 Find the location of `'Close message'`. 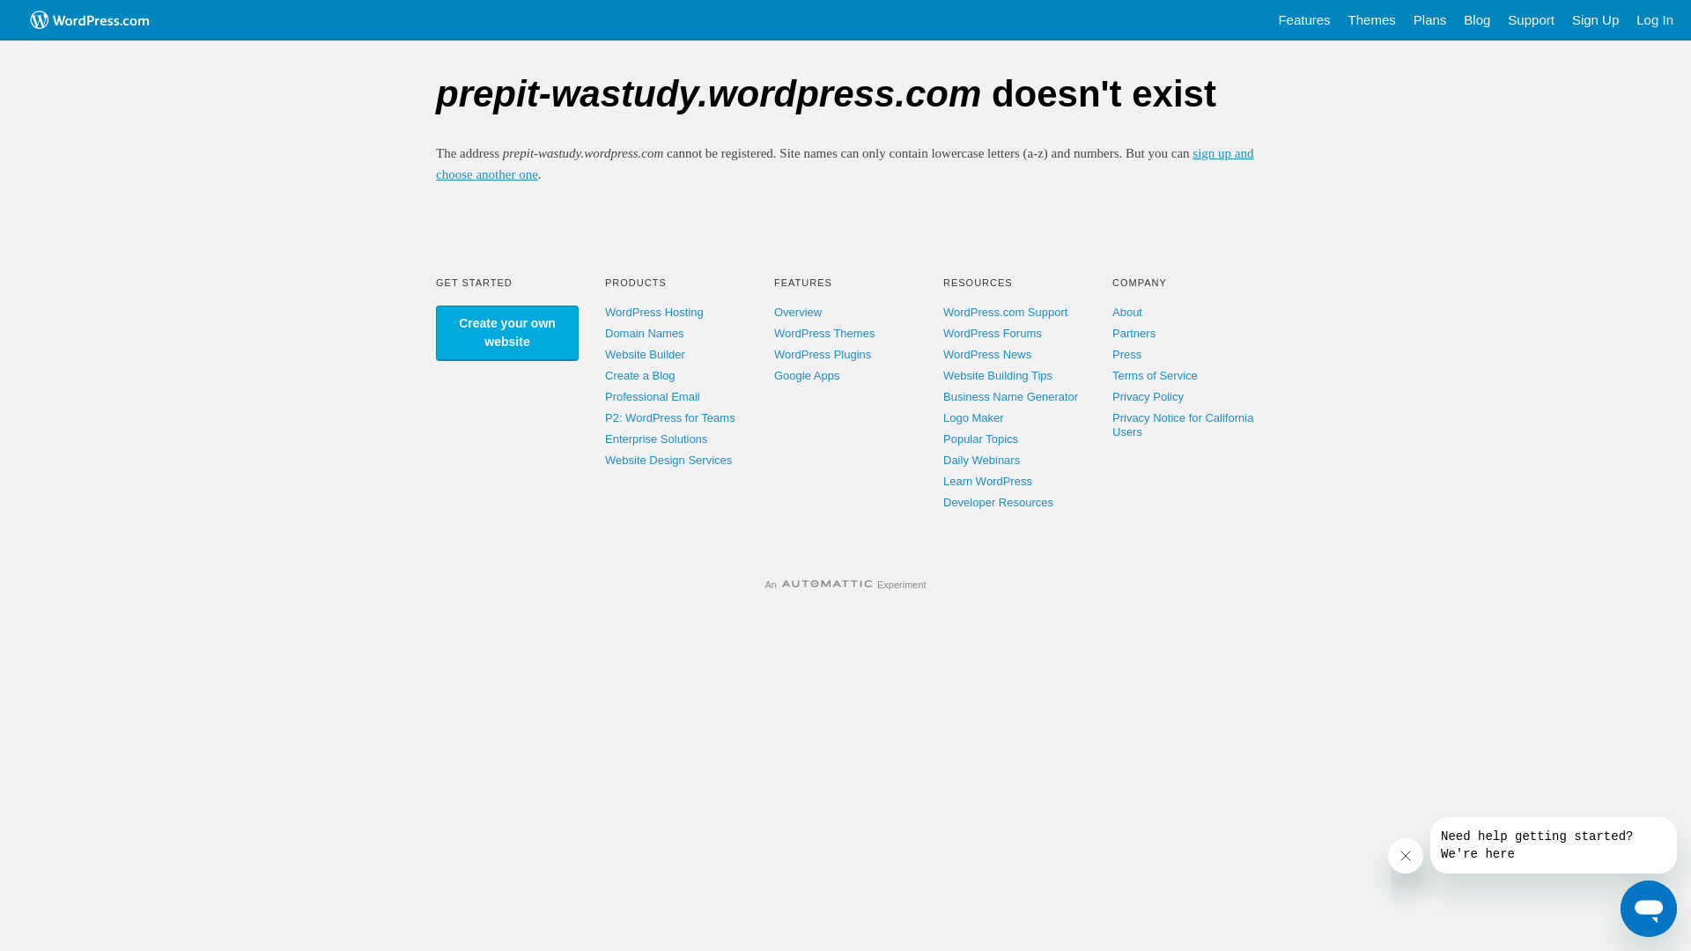

'Close message' is located at coordinates (1405, 855).